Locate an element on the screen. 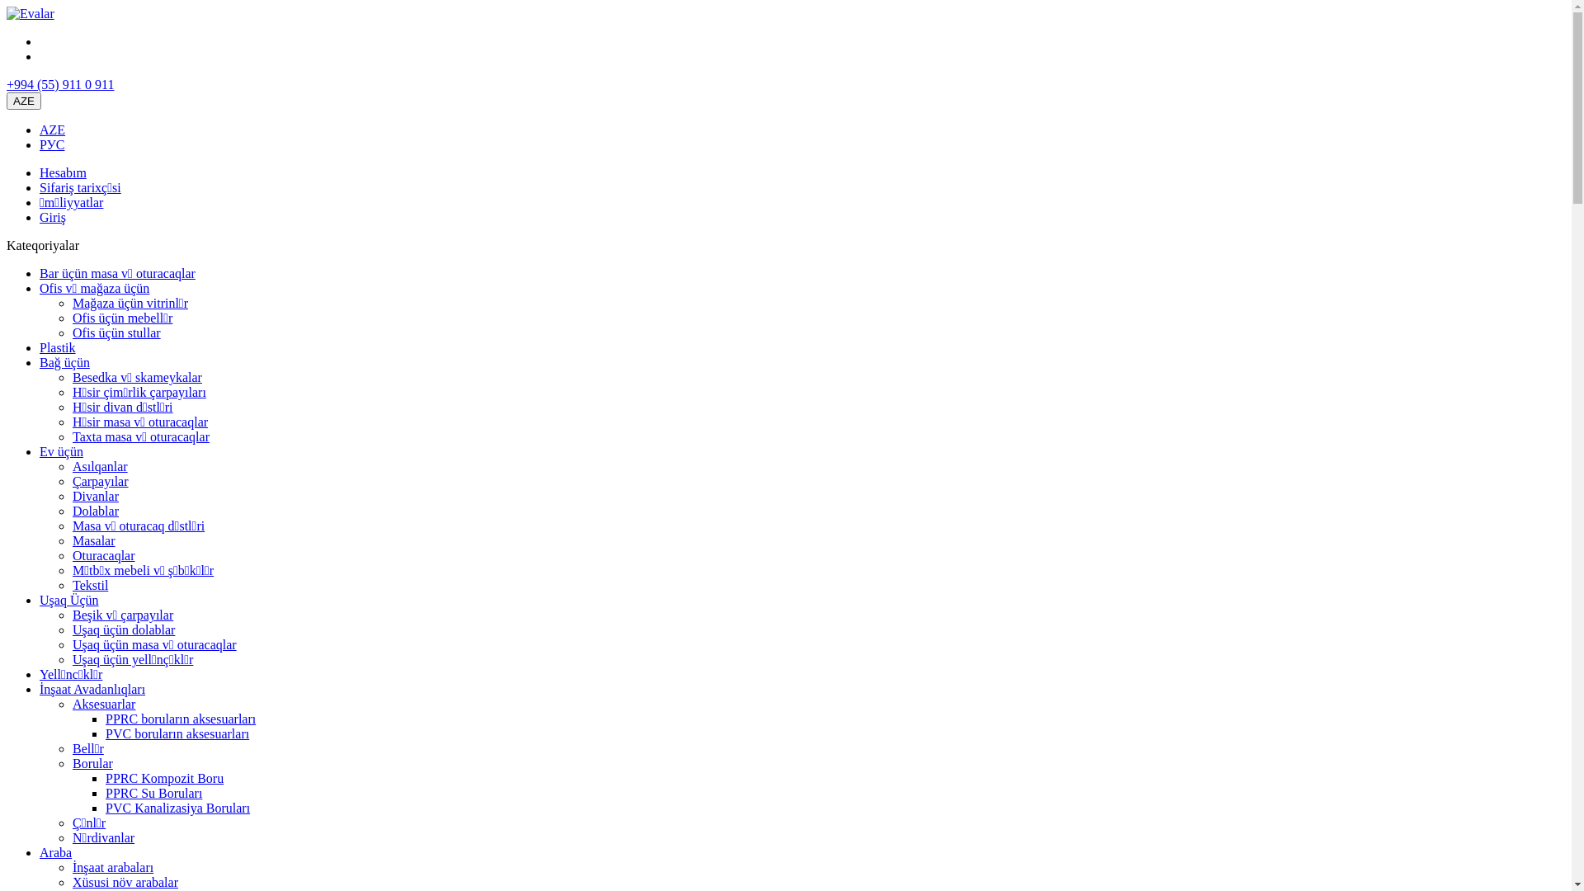 Image resolution: width=1584 pixels, height=891 pixels. 'Evalar' is located at coordinates (31, 13).